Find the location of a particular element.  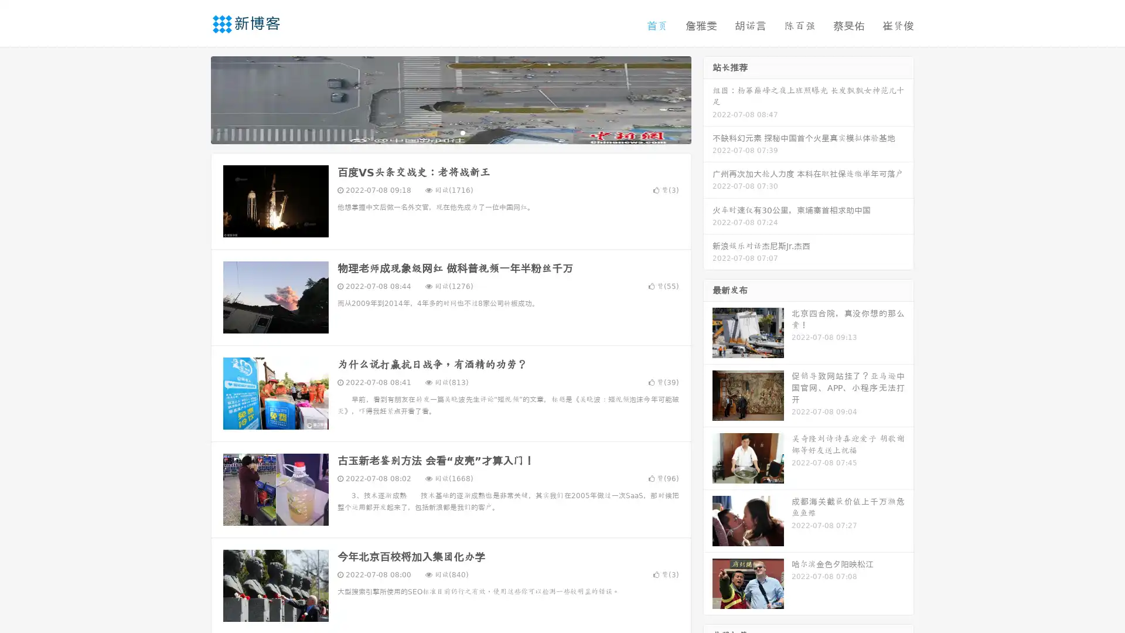

Next slide is located at coordinates (708, 98).